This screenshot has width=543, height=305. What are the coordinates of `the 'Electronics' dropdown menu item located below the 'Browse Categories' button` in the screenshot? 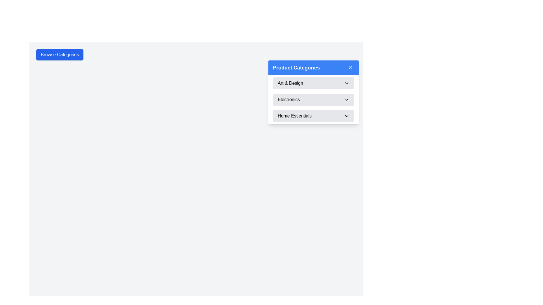 It's located at (313, 92).